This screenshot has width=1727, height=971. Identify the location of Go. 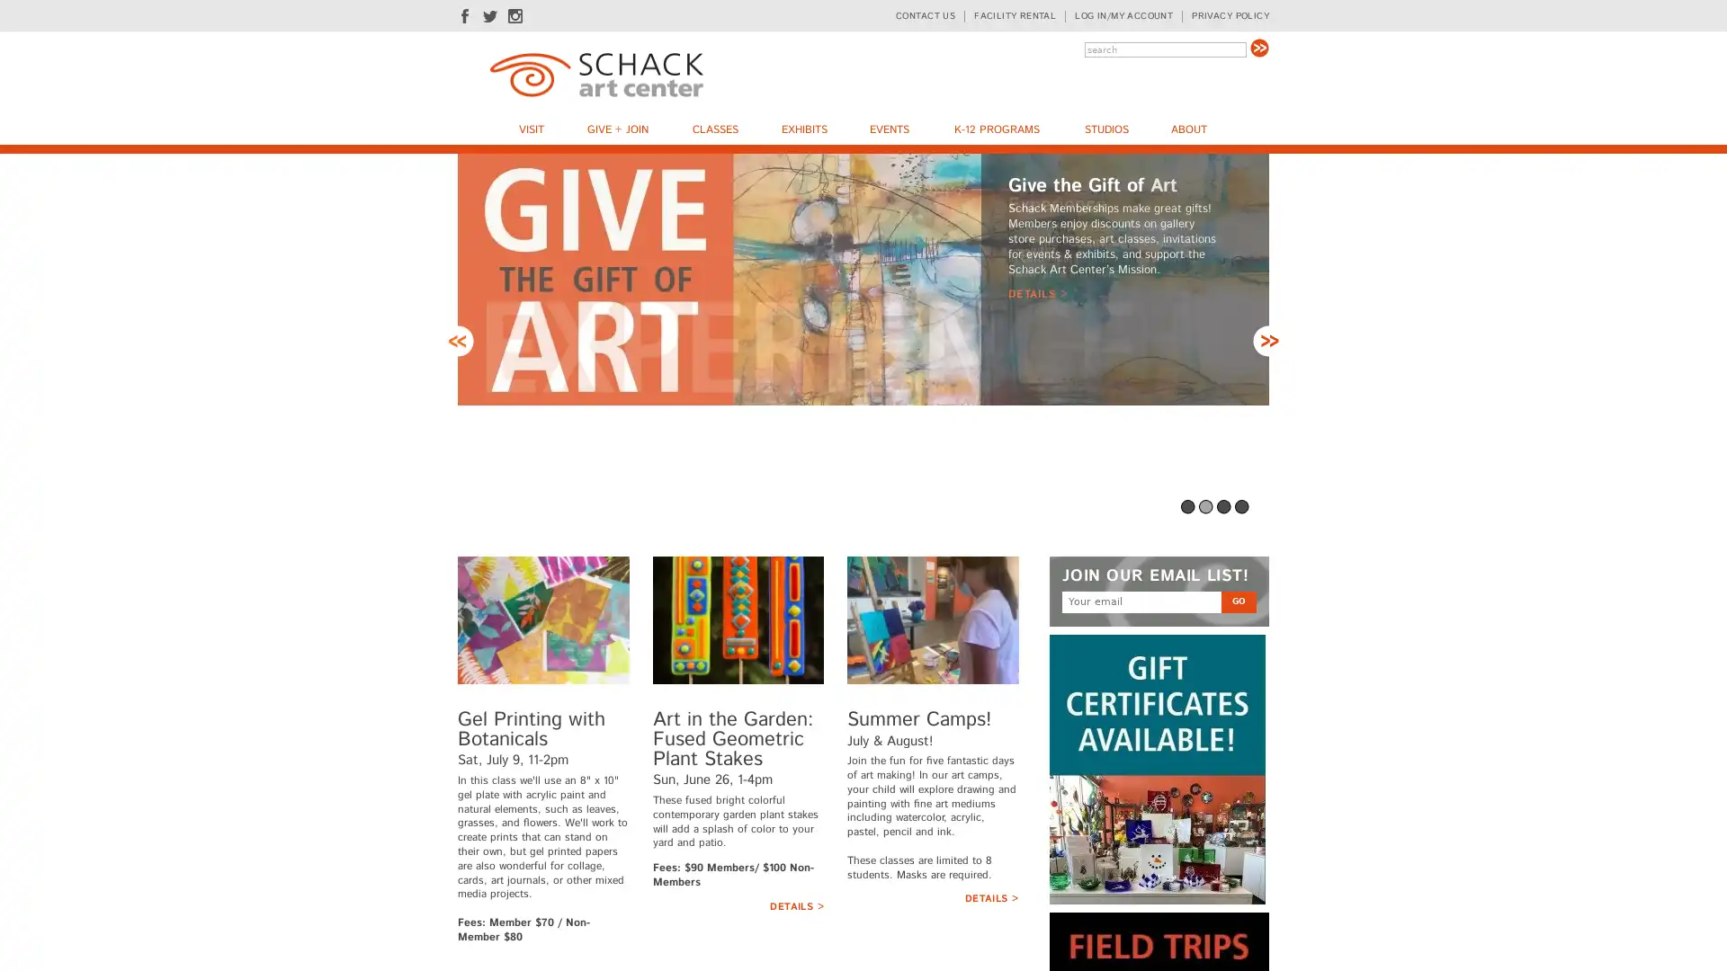
(1238, 601).